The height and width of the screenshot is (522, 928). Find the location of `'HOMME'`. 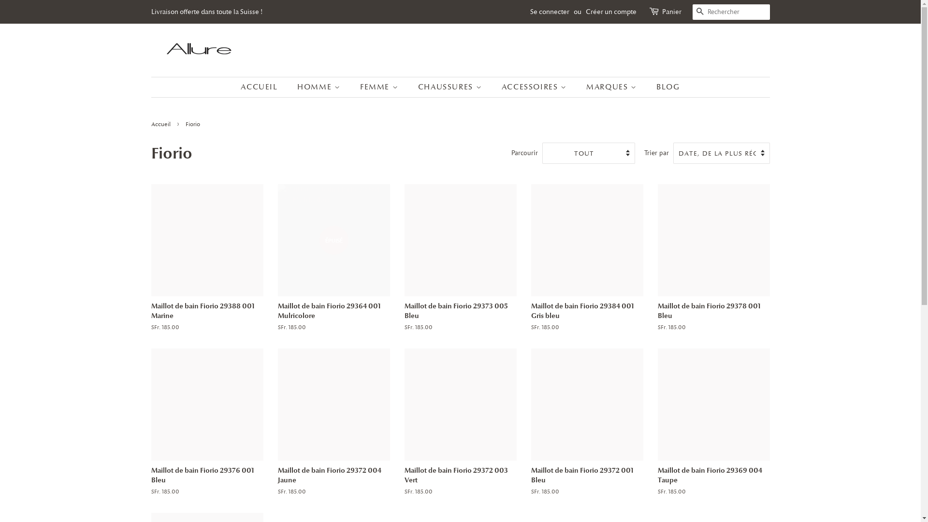

'HOMME' is located at coordinates (290, 87).